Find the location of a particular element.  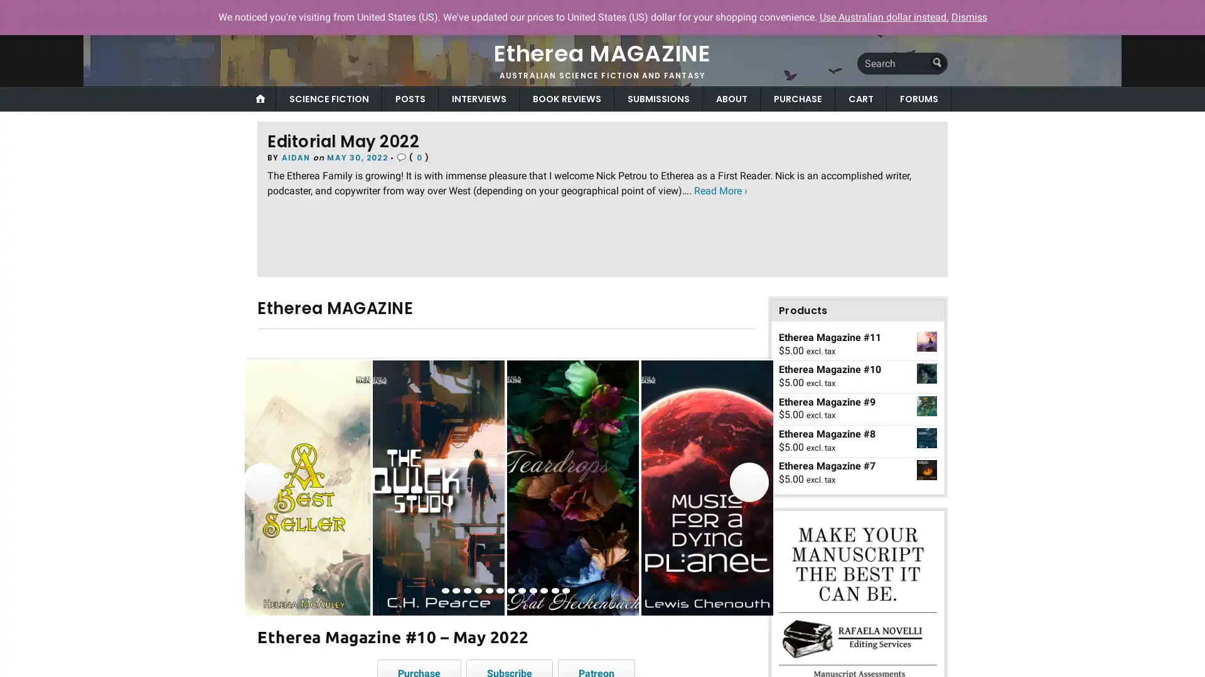

view image 8 of 12 in carousel is located at coordinates (522, 590).